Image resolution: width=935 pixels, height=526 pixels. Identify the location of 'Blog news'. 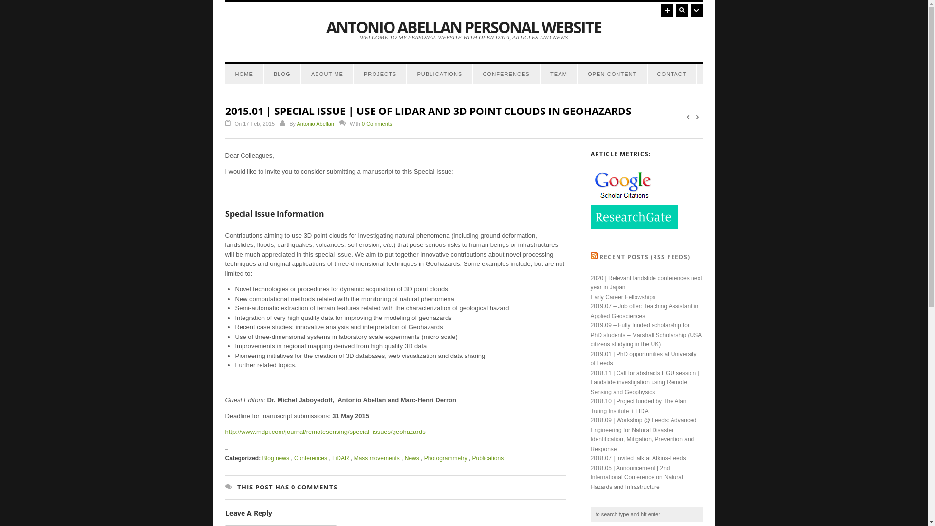
(262, 458).